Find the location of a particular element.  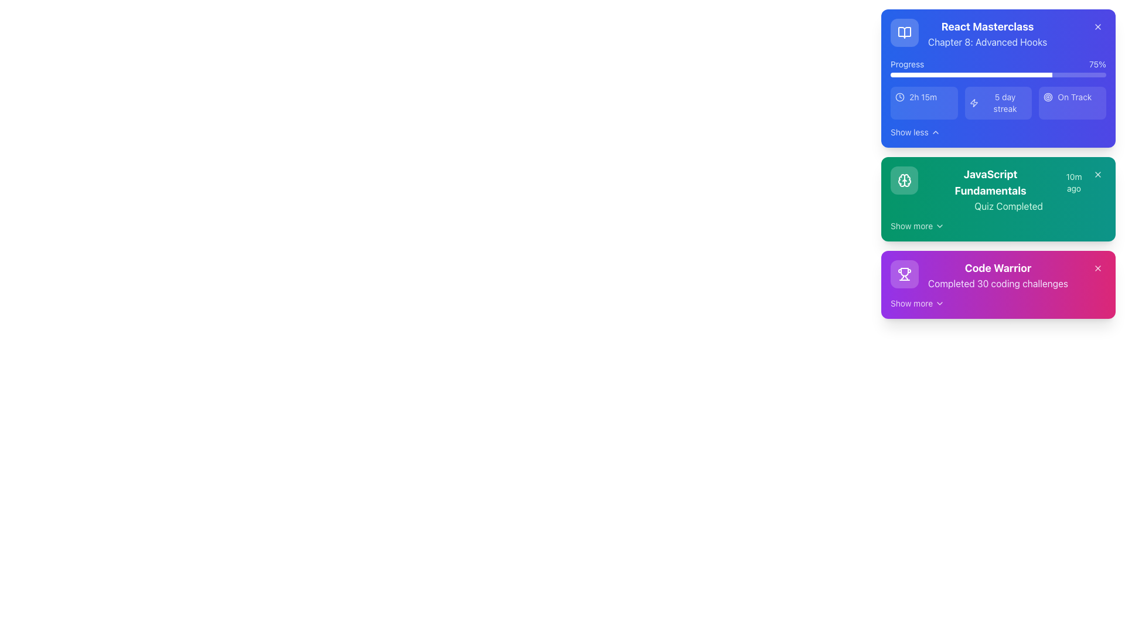

the Progress Bar labeled 'Progress' that visually represents a completion status of 75% within the 'React Masterclass' card is located at coordinates (998, 67).